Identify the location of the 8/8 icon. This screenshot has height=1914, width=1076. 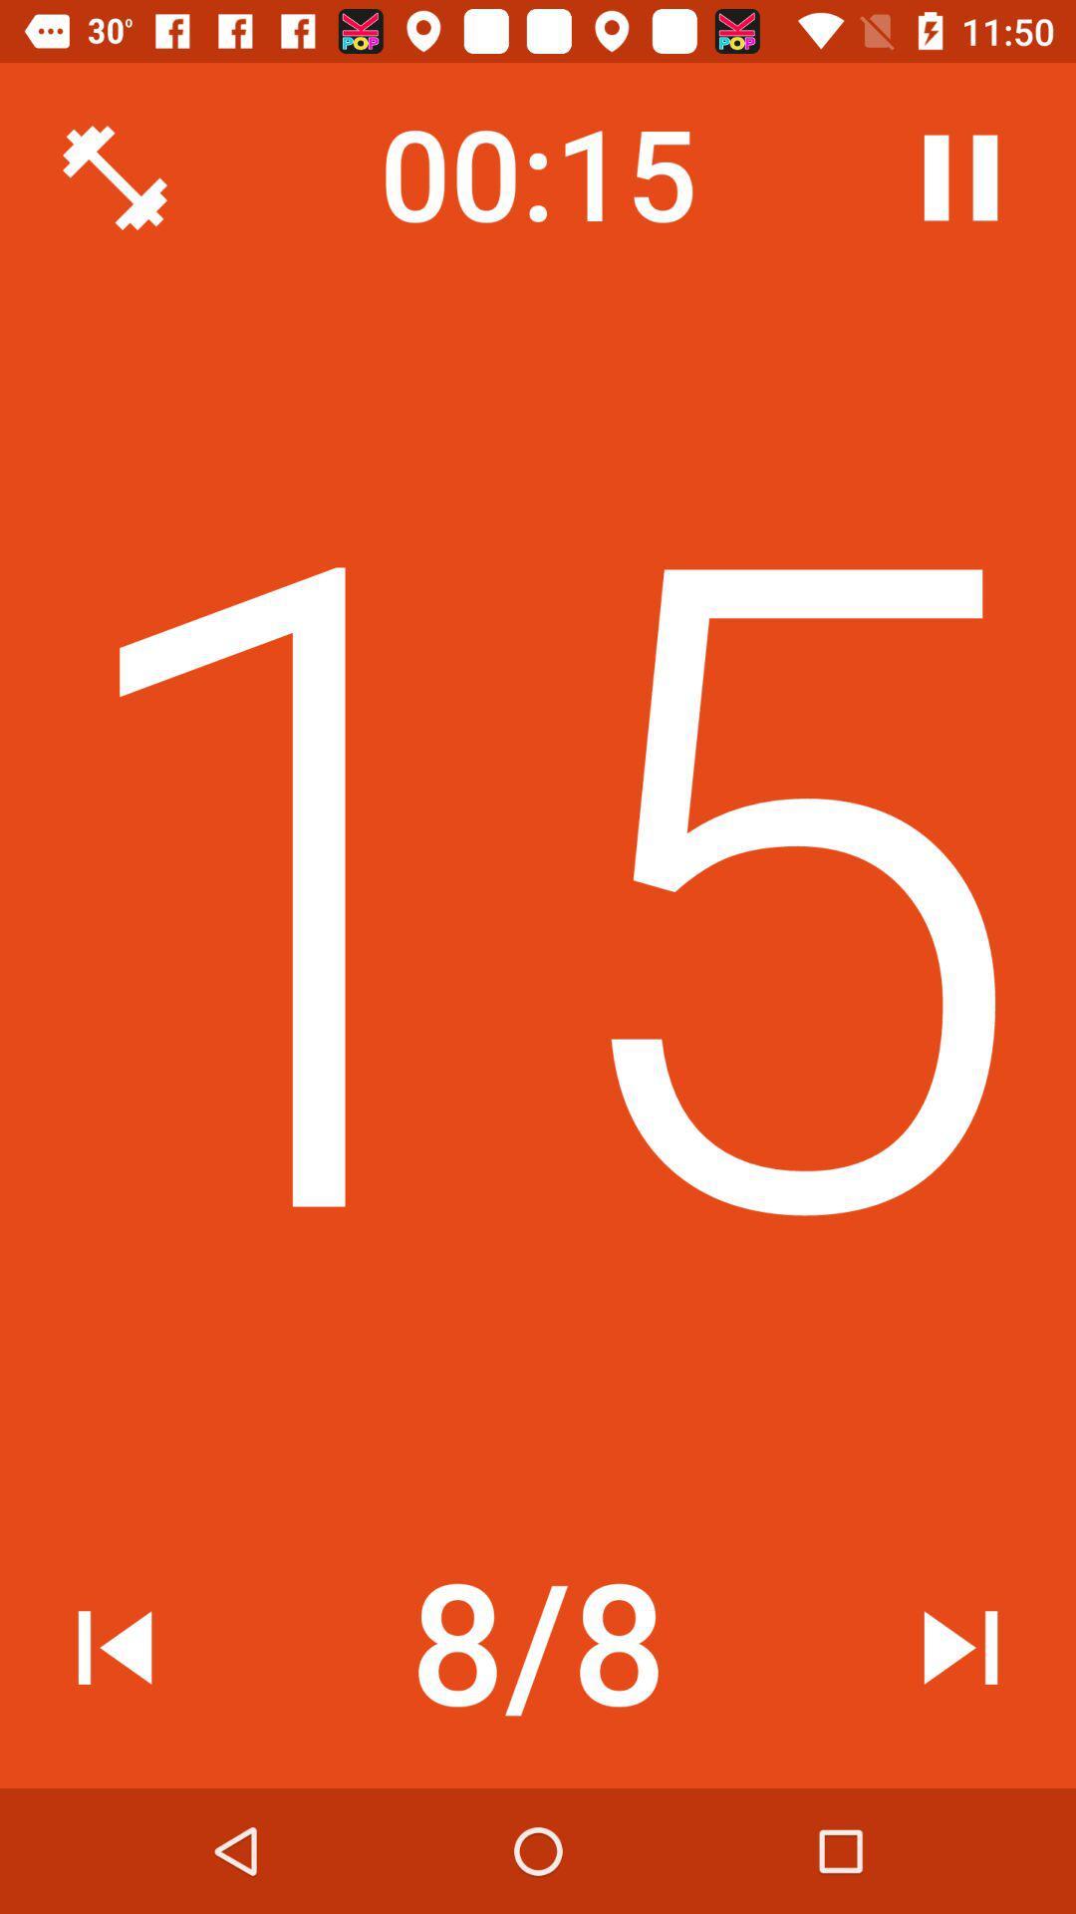
(538, 1648).